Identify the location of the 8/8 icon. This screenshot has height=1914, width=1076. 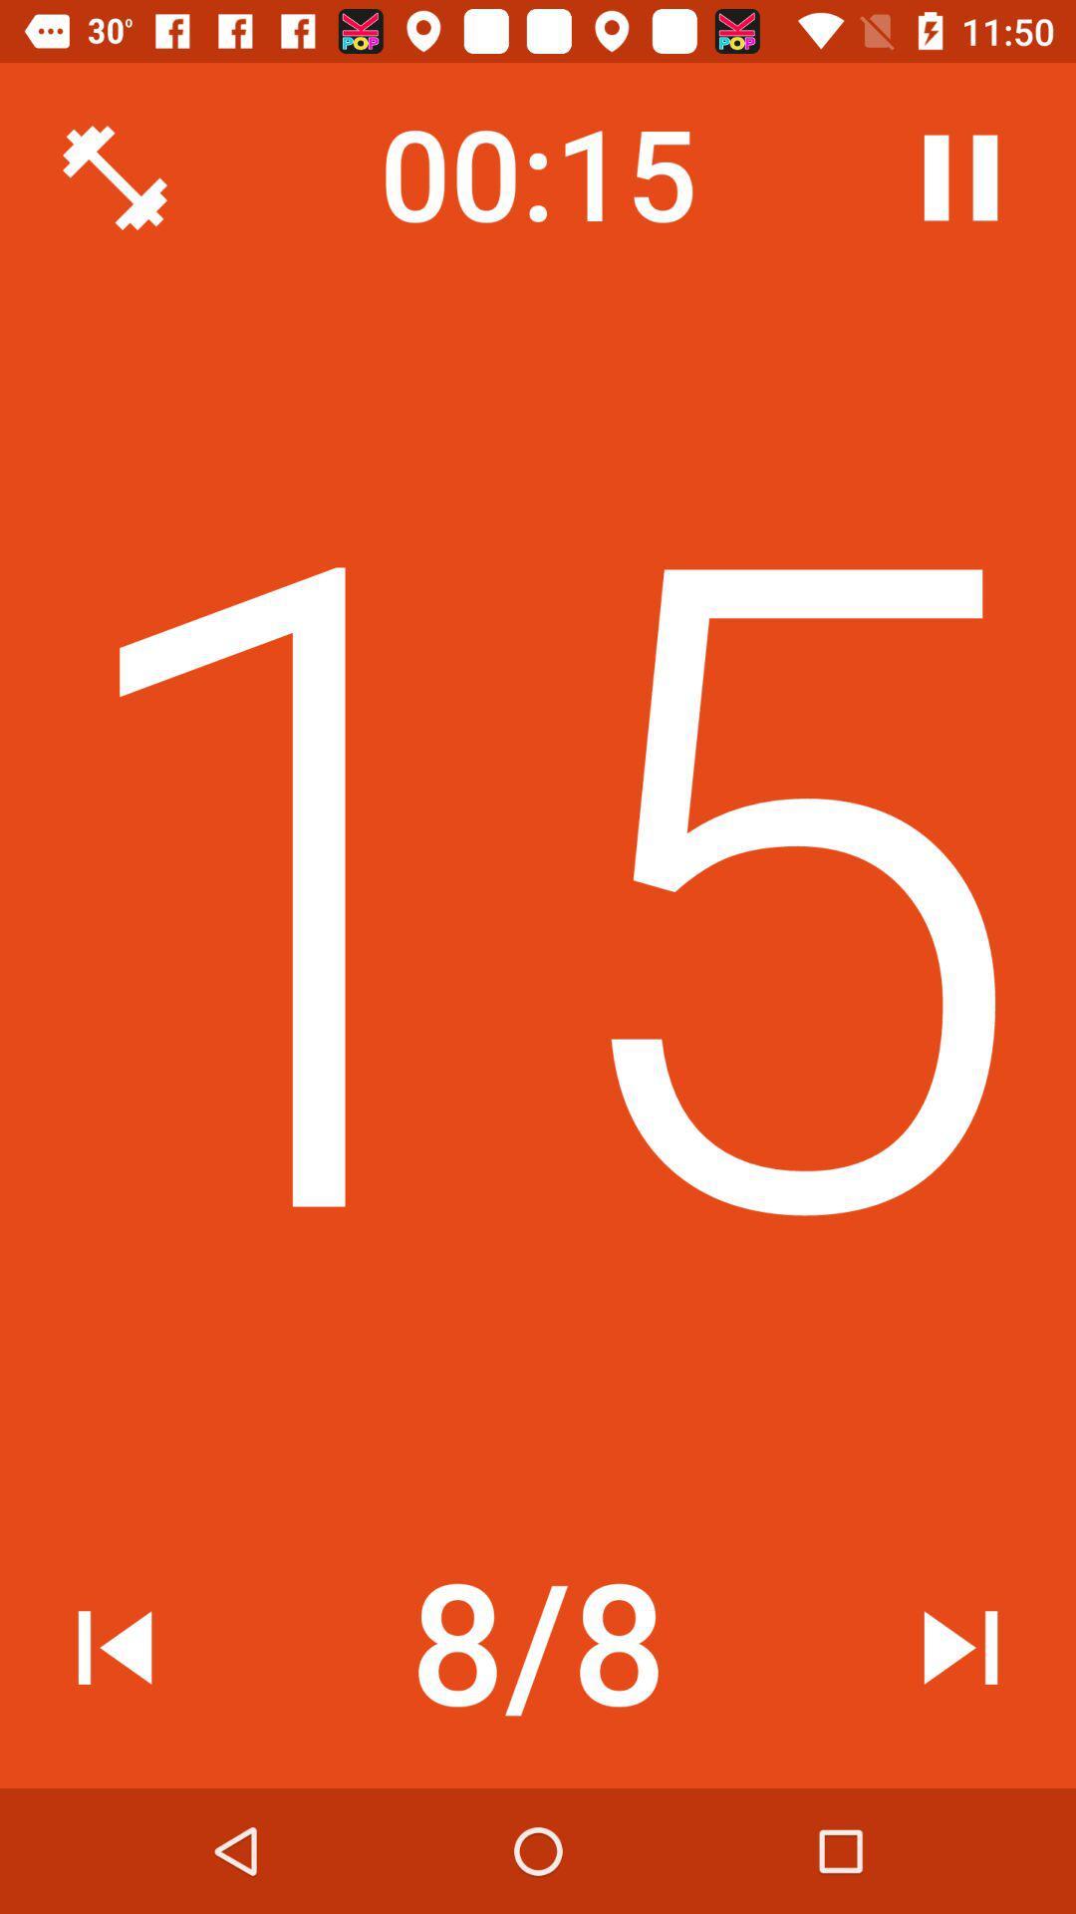
(538, 1648).